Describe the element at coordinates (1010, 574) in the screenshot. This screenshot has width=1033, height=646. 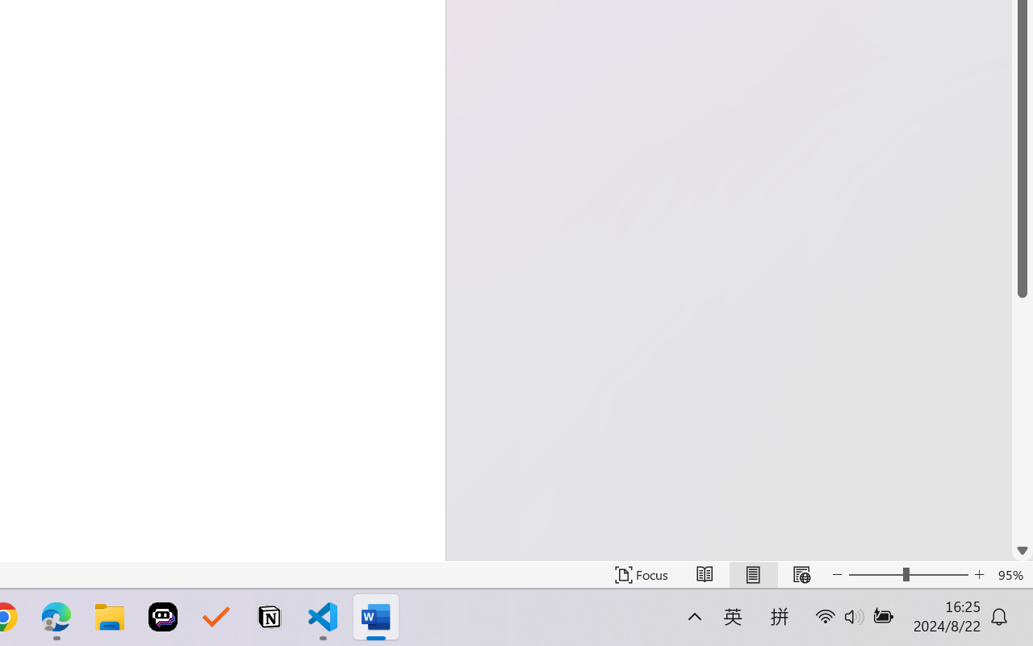
I see `'Zoom 95%'` at that location.